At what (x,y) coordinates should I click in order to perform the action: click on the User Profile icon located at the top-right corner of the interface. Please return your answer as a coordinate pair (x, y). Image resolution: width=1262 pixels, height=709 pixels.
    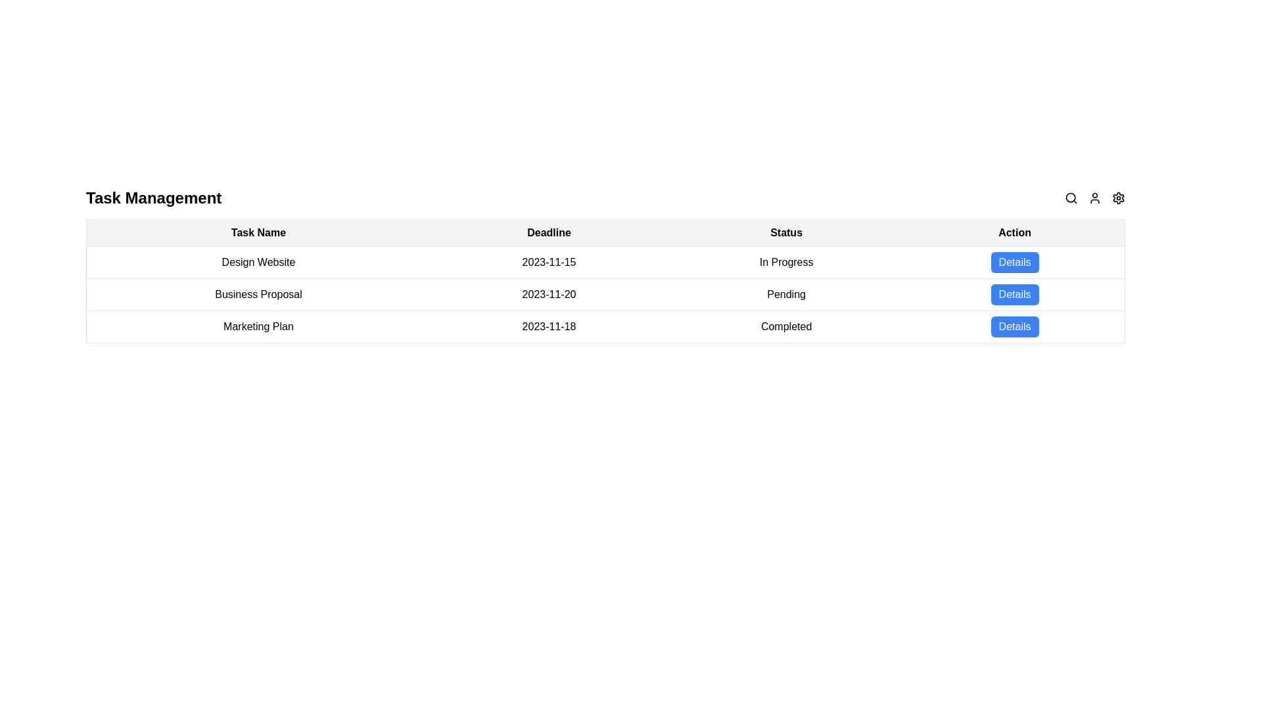
    Looking at the image, I should click on (1094, 198).